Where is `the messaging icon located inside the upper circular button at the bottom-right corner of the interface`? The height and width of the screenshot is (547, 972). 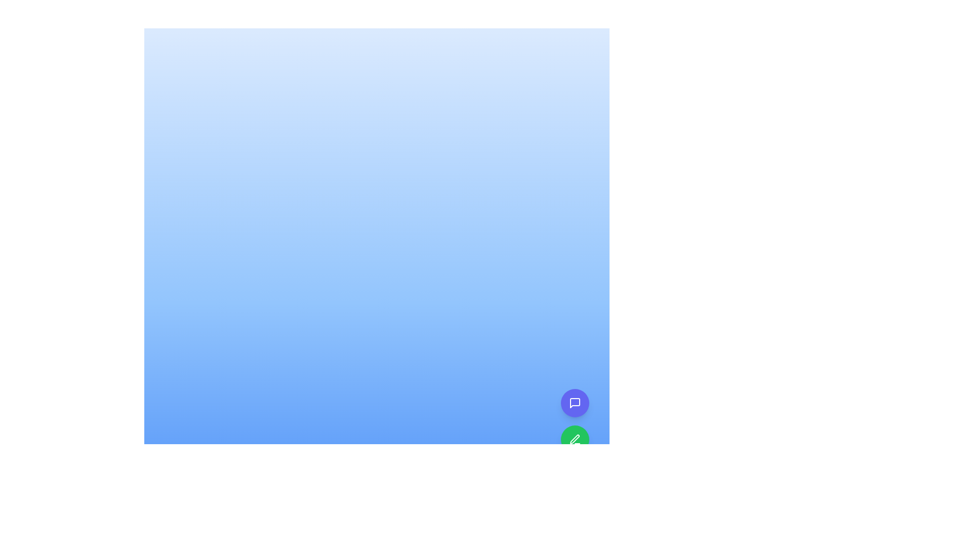 the messaging icon located inside the upper circular button at the bottom-right corner of the interface is located at coordinates (575, 402).